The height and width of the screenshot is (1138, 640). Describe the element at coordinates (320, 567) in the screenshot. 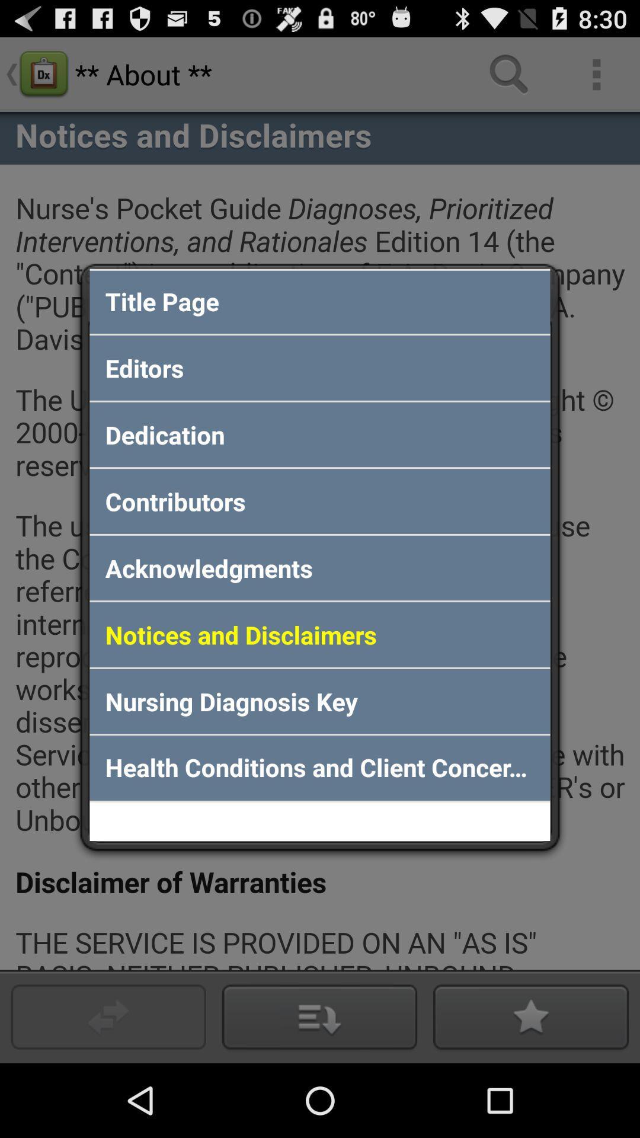

I see `the app above the notices and disclaimers app` at that location.